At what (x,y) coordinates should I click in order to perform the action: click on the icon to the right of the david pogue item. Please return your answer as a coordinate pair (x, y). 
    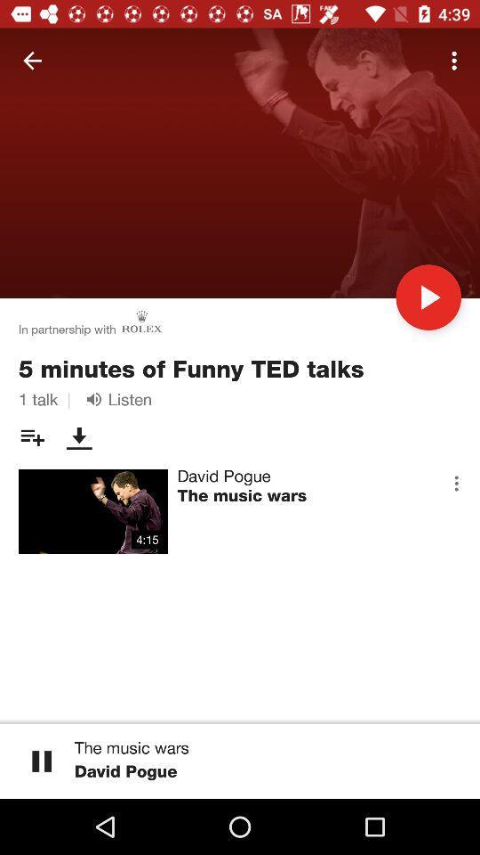
    Looking at the image, I should click on (456, 483).